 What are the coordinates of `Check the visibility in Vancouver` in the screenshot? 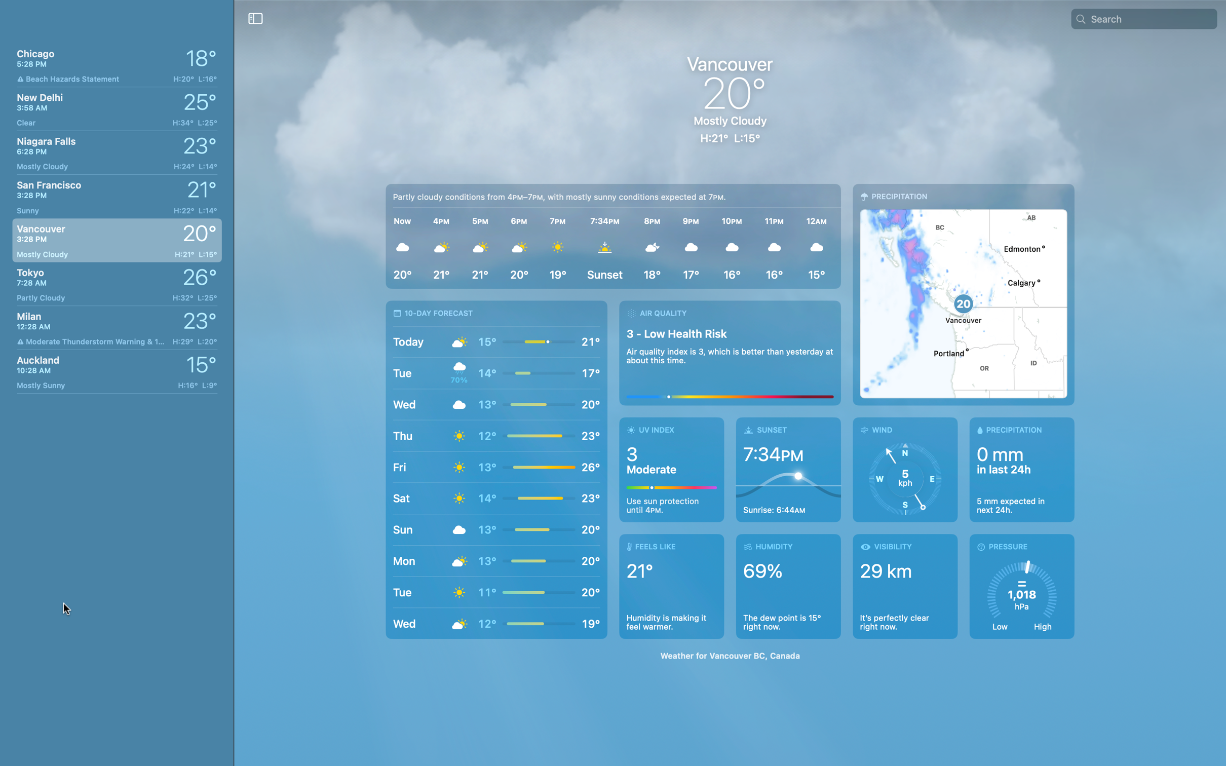 It's located at (904, 585).